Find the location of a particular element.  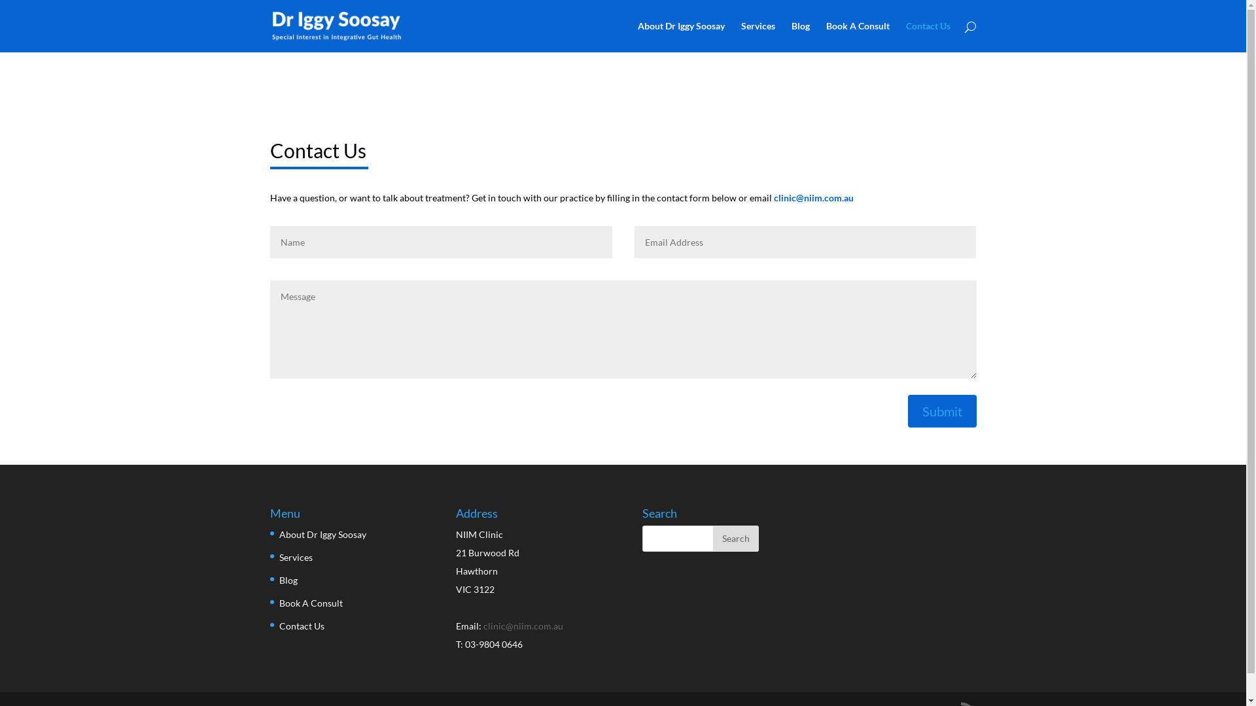

'Search' is located at coordinates (735, 539).